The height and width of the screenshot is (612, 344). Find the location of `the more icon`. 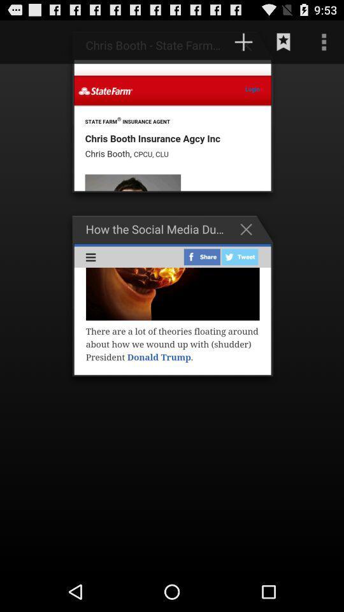

the more icon is located at coordinates (324, 45).